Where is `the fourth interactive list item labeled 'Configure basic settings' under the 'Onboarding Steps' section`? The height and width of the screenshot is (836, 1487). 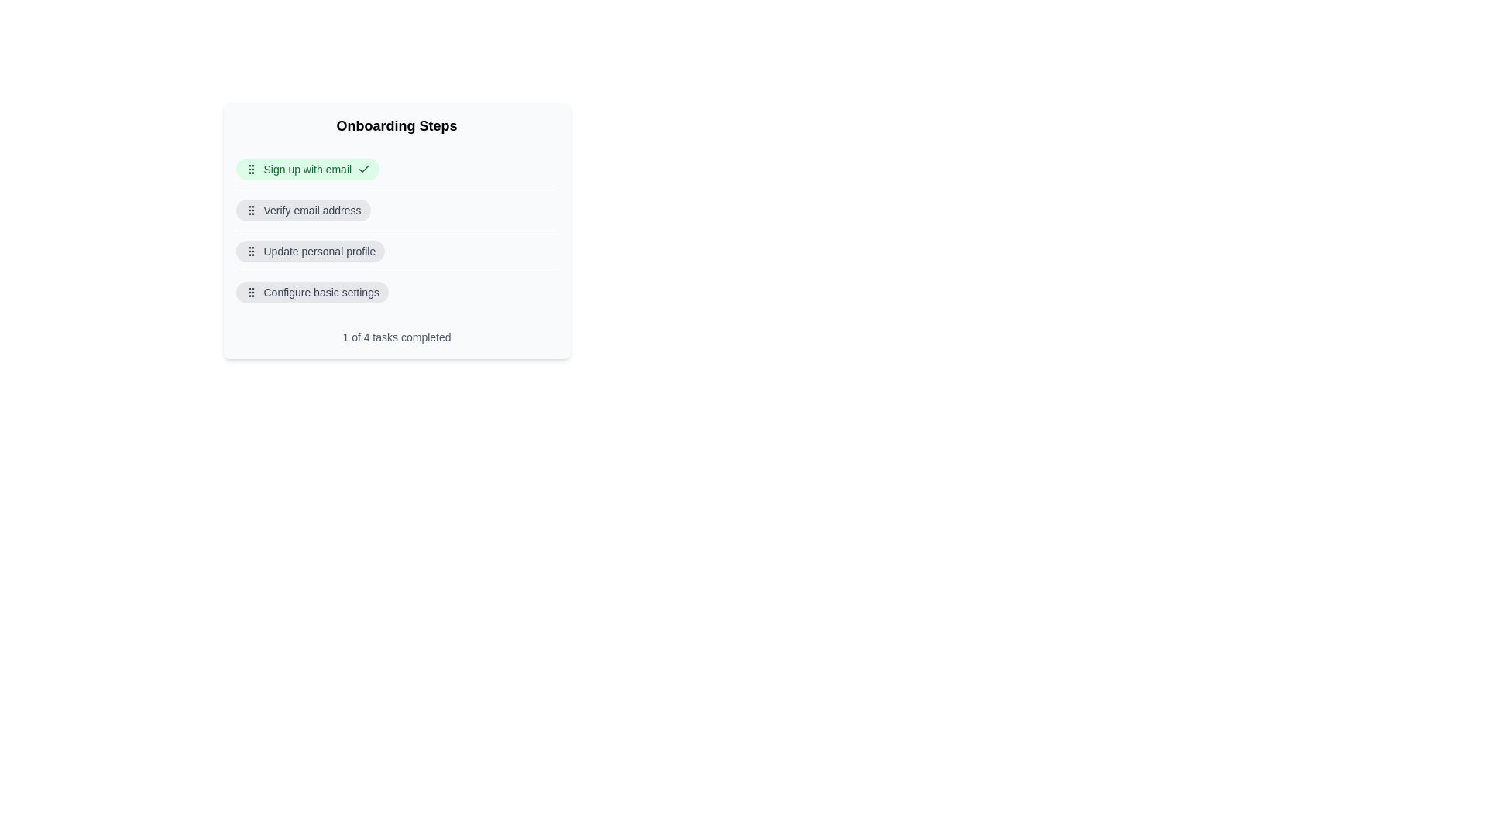
the fourth interactive list item labeled 'Configure basic settings' under the 'Onboarding Steps' section is located at coordinates (397, 292).